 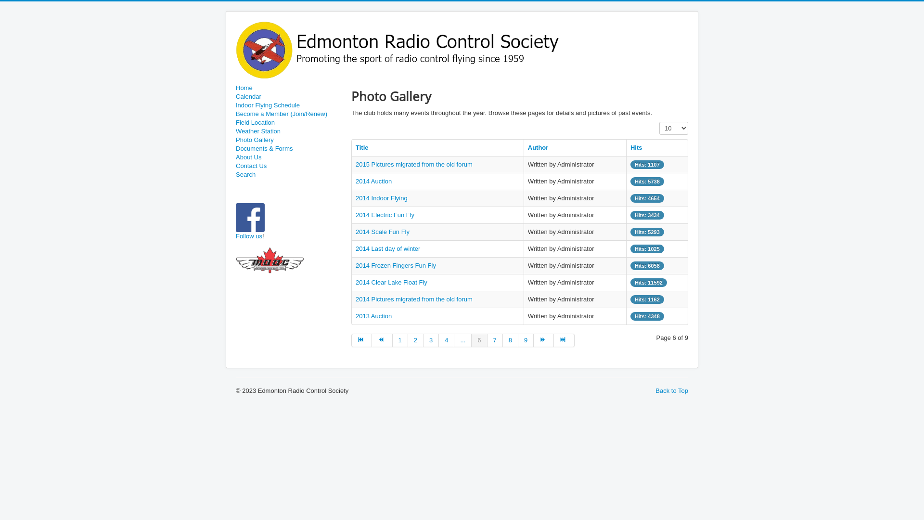 I want to click on 'Prev', so click(x=381, y=339).